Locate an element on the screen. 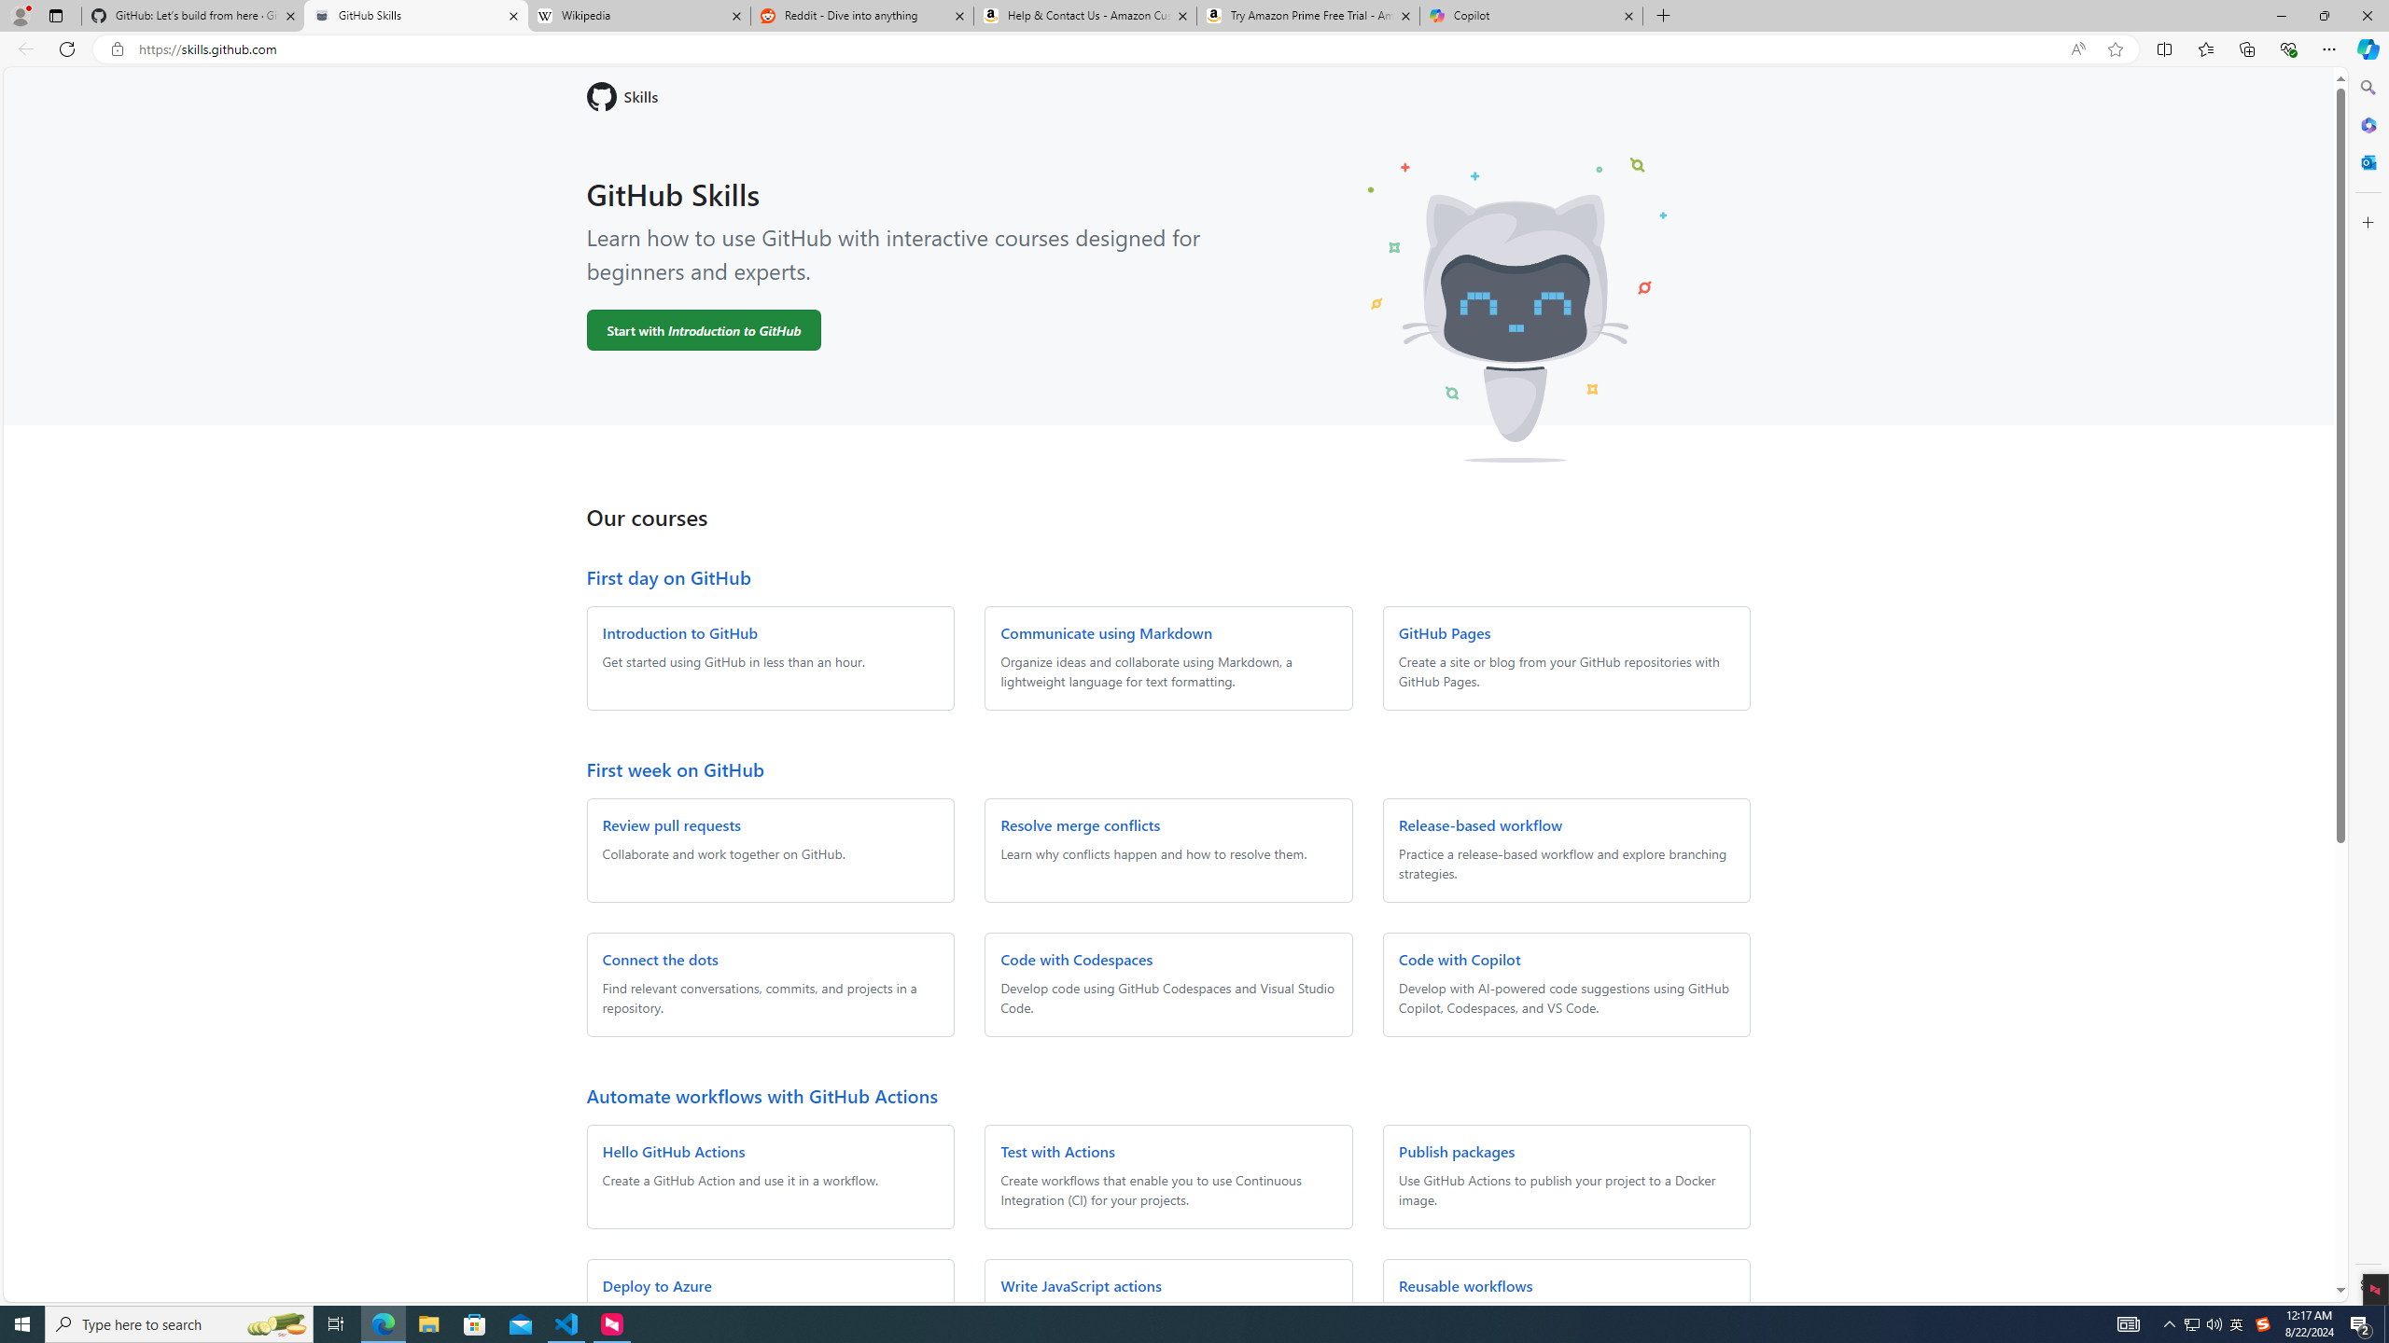  'Publish packages' is located at coordinates (1456, 1150).